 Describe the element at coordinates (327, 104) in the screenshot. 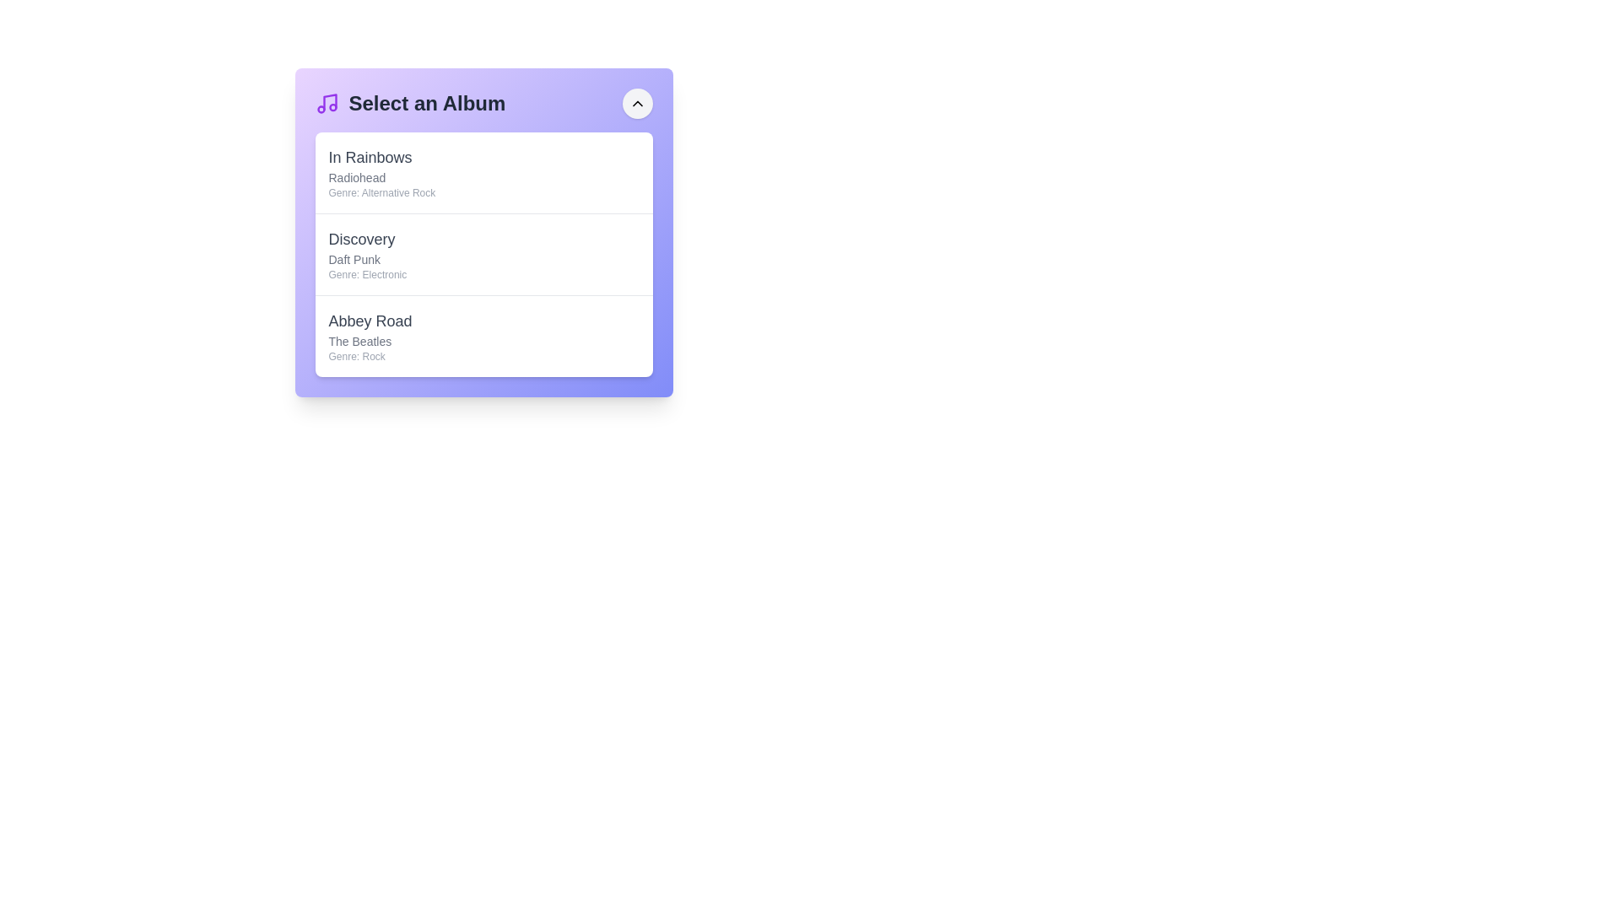

I see `the music-related icon located in the header to the left of the 'Select an Album' text` at that location.